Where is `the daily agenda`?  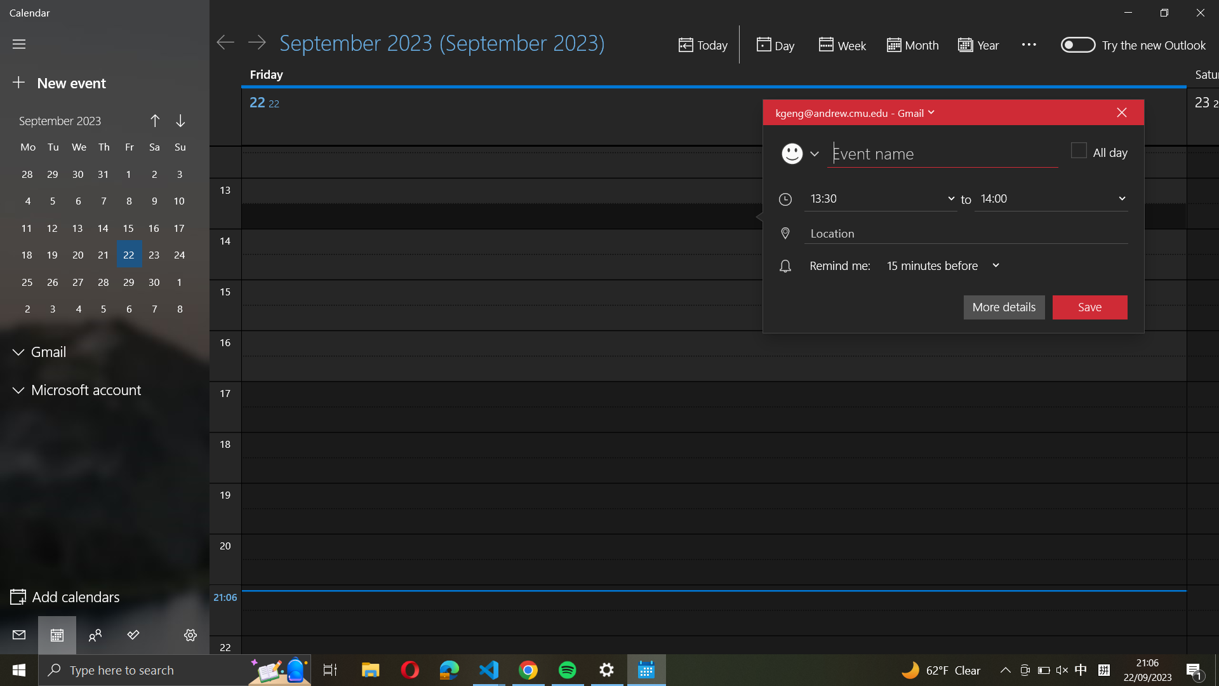 the daily agenda is located at coordinates (775, 44).